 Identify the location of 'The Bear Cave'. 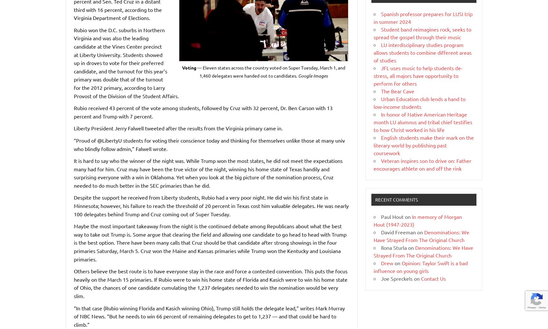
(397, 90).